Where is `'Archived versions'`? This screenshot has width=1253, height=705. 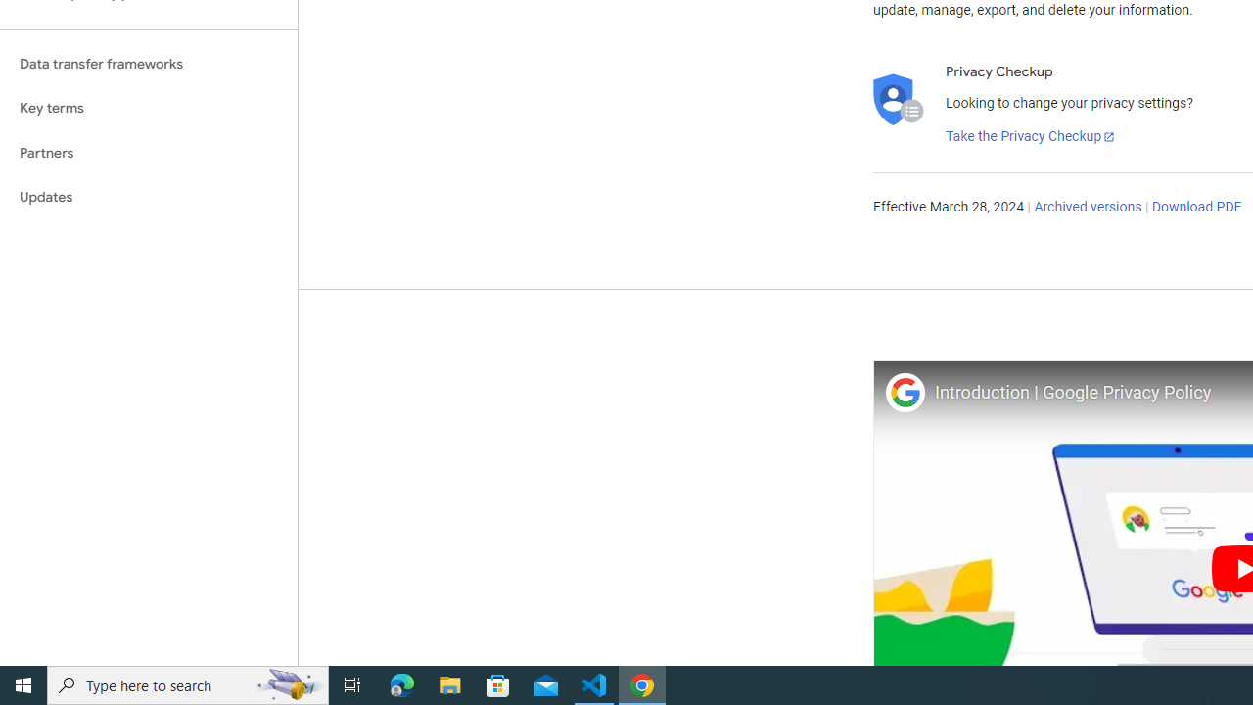
'Archived versions' is located at coordinates (1087, 208).